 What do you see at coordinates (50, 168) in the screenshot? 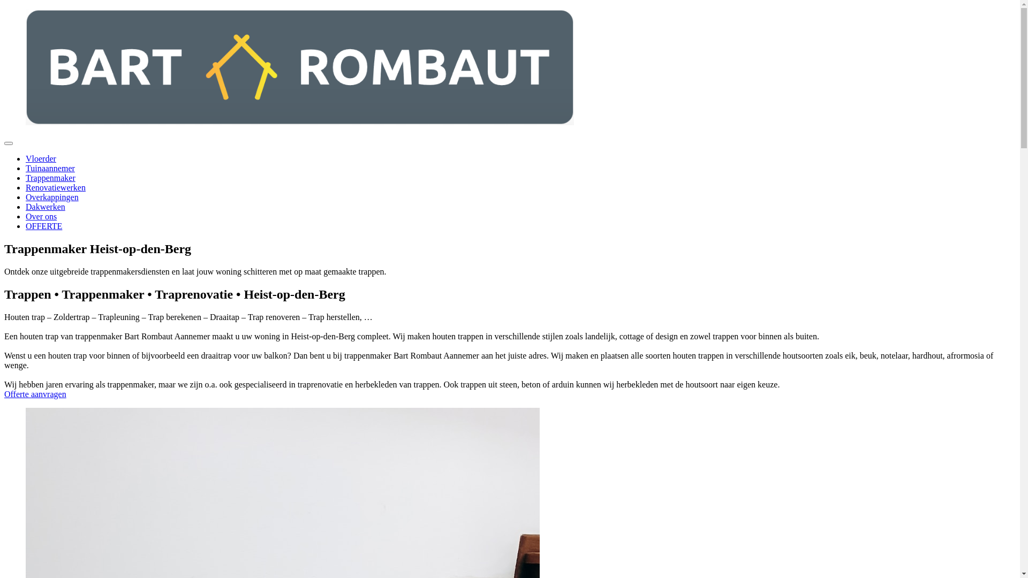
I see `'Tuinaannemer'` at bounding box center [50, 168].